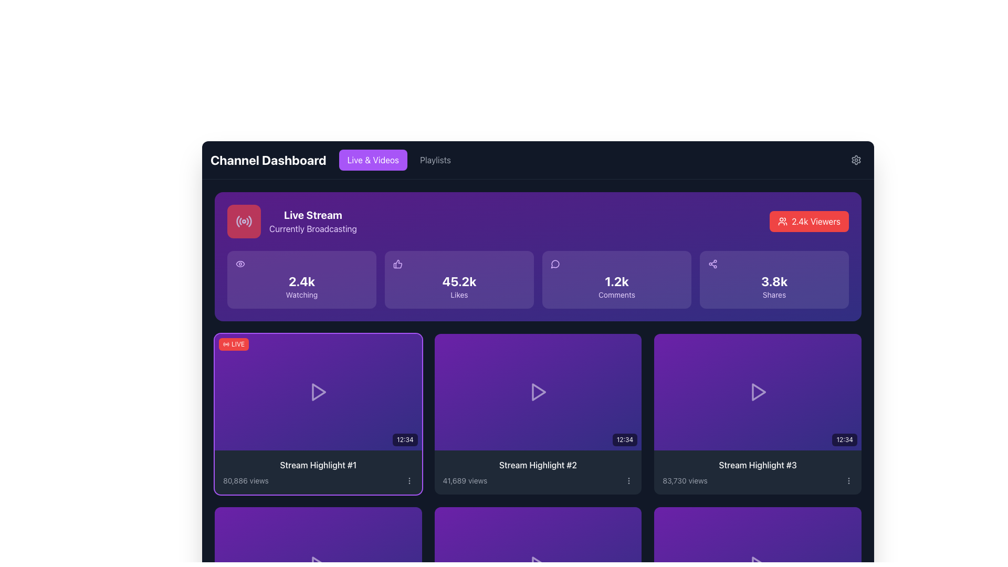 This screenshot has height=567, width=1008. Describe the element at coordinates (459, 281) in the screenshot. I see `the bold text display element showing '45.2k'` at that location.